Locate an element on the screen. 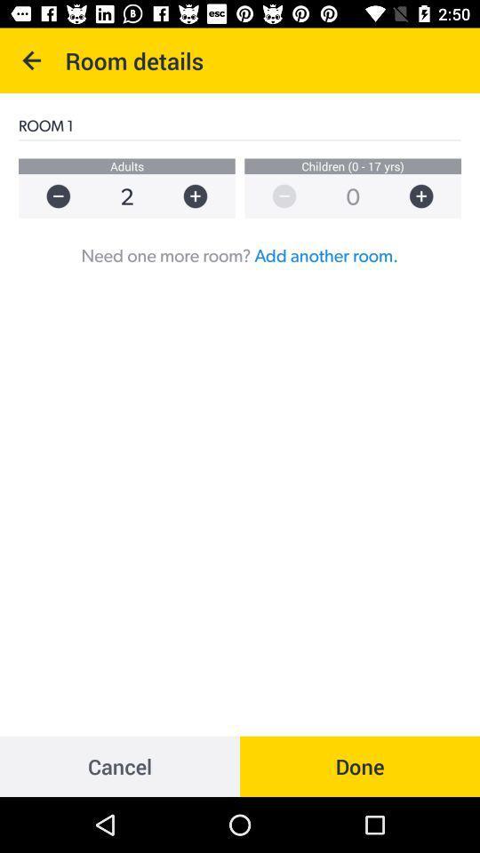 The width and height of the screenshot is (480, 853). increase the number of adults is located at coordinates (203, 196).